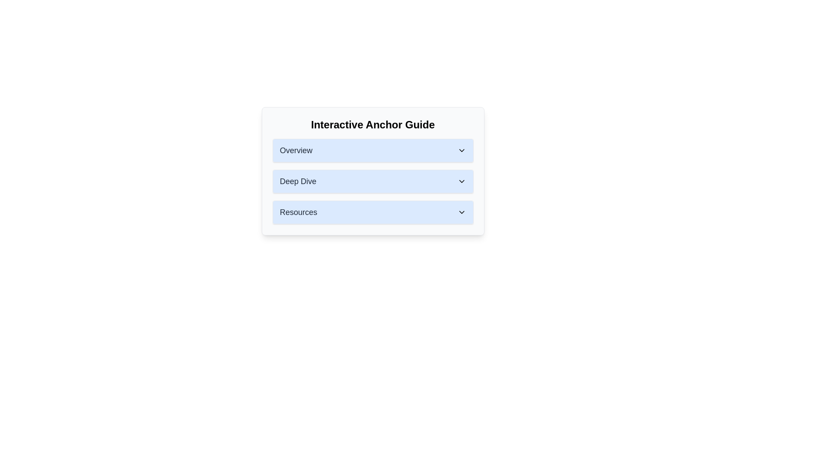  What do you see at coordinates (296, 150) in the screenshot?
I see `the 'Overview' text label, which is the first item in a vertical list of headers styled in large, bold font and dark gray color against a light blue background` at bounding box center [296, 150].